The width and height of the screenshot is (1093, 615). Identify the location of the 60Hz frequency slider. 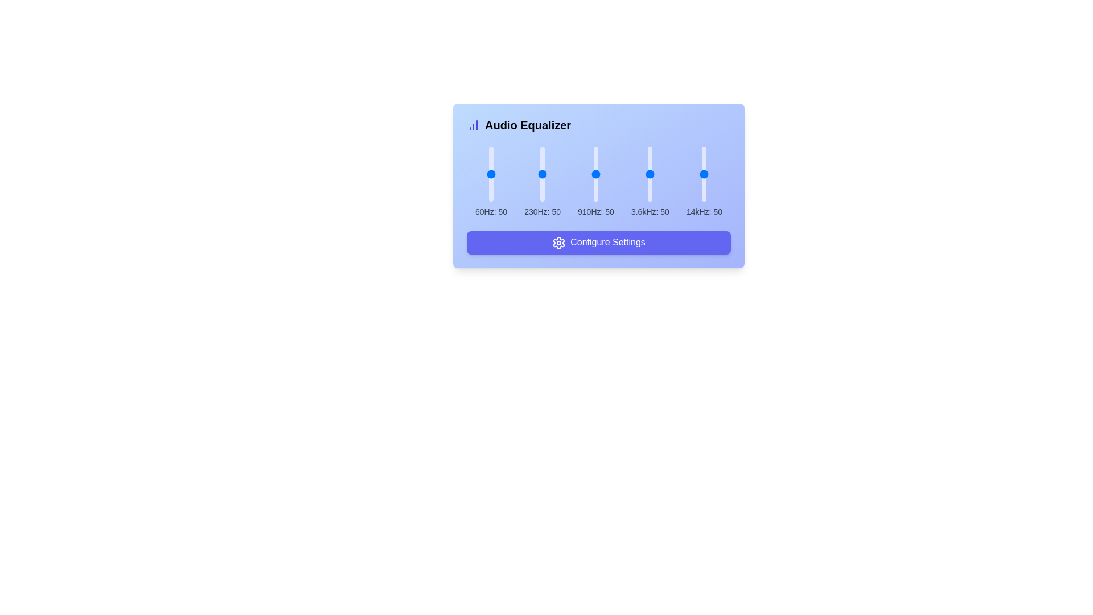
(491, 178).